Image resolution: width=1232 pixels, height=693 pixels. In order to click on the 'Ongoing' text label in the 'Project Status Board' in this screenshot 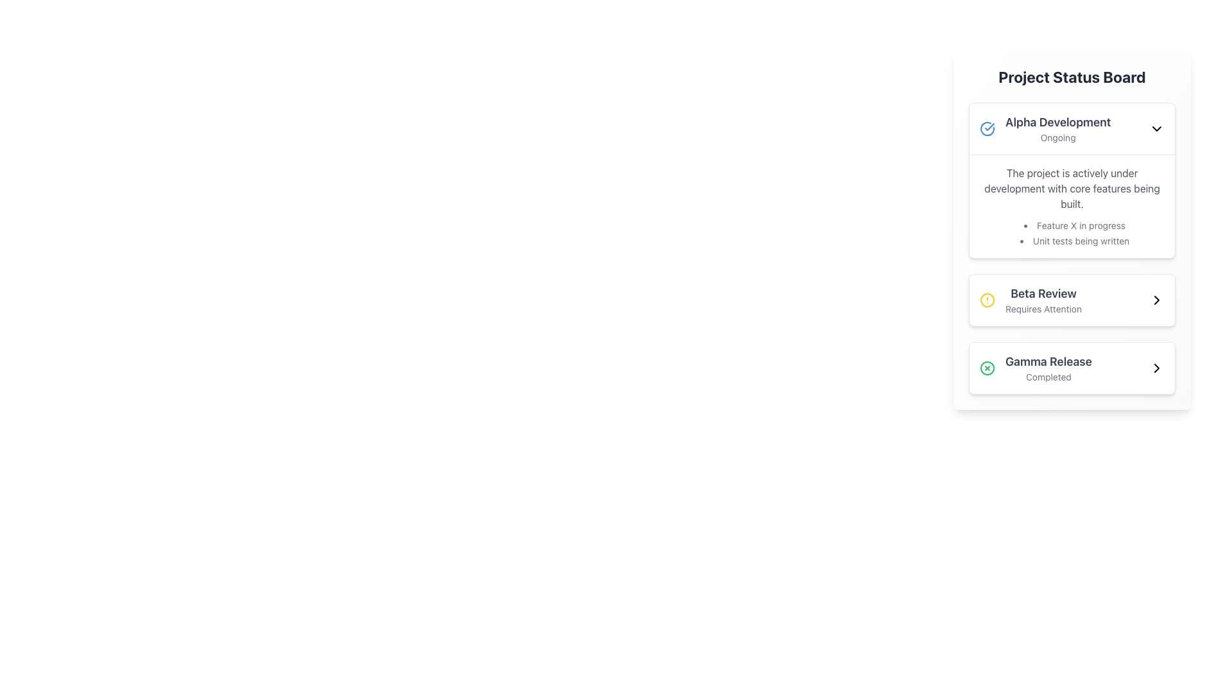, I will do `click(1058, 138)`.